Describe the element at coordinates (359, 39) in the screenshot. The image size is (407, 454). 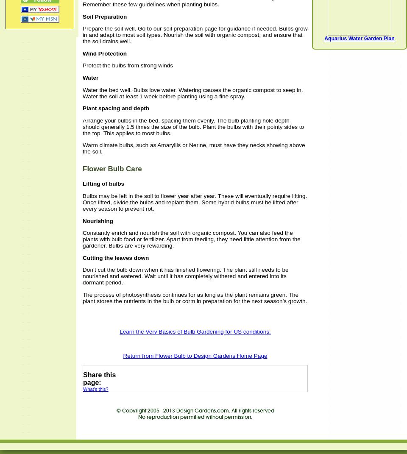
I see `'Aquarius Water Garden Plan'` at that location.